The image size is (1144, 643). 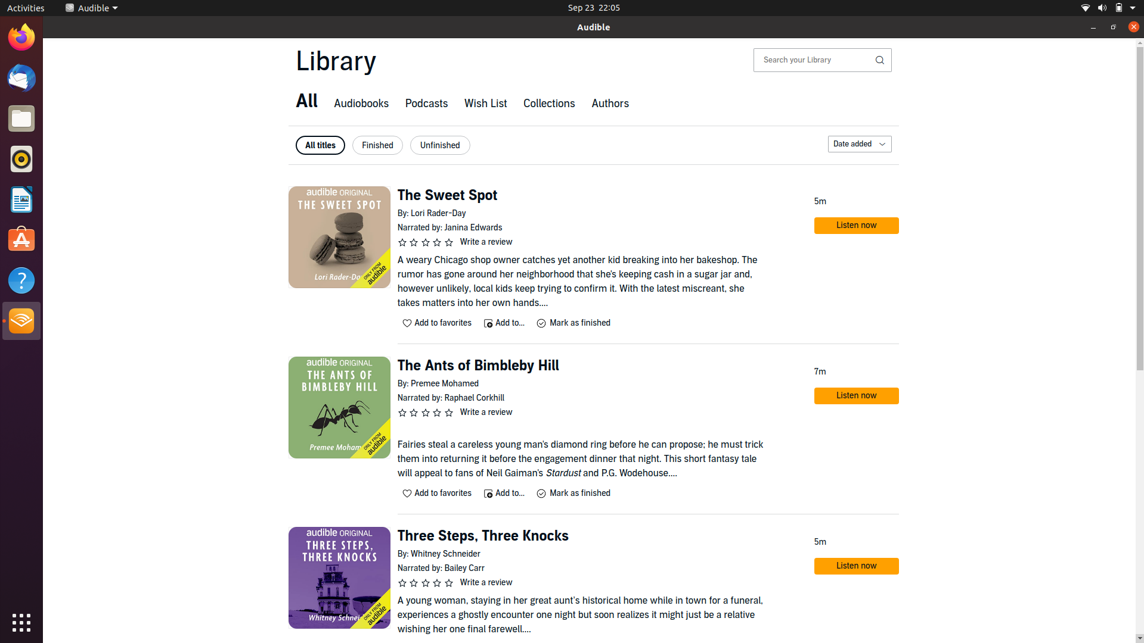 I want to click on Complete "The Sweet Spot" and verify its presence under completed, so click(x=572, y=323).